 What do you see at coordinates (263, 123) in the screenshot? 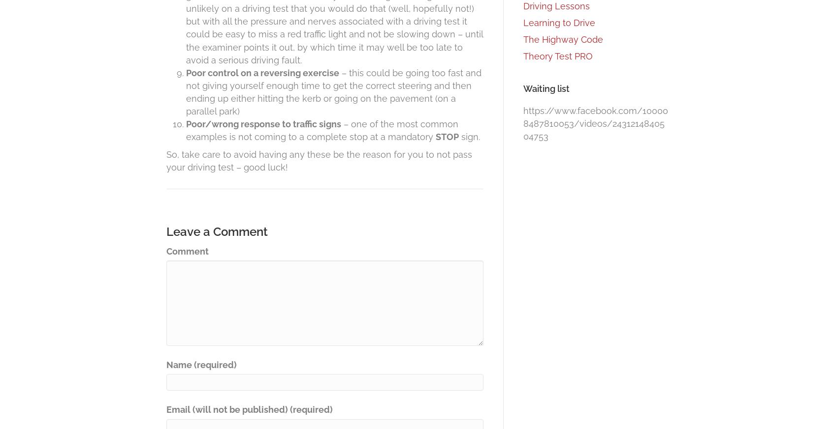
I see `'Poor/wrong response to traffic signs'` at bounding box center [263, 123].